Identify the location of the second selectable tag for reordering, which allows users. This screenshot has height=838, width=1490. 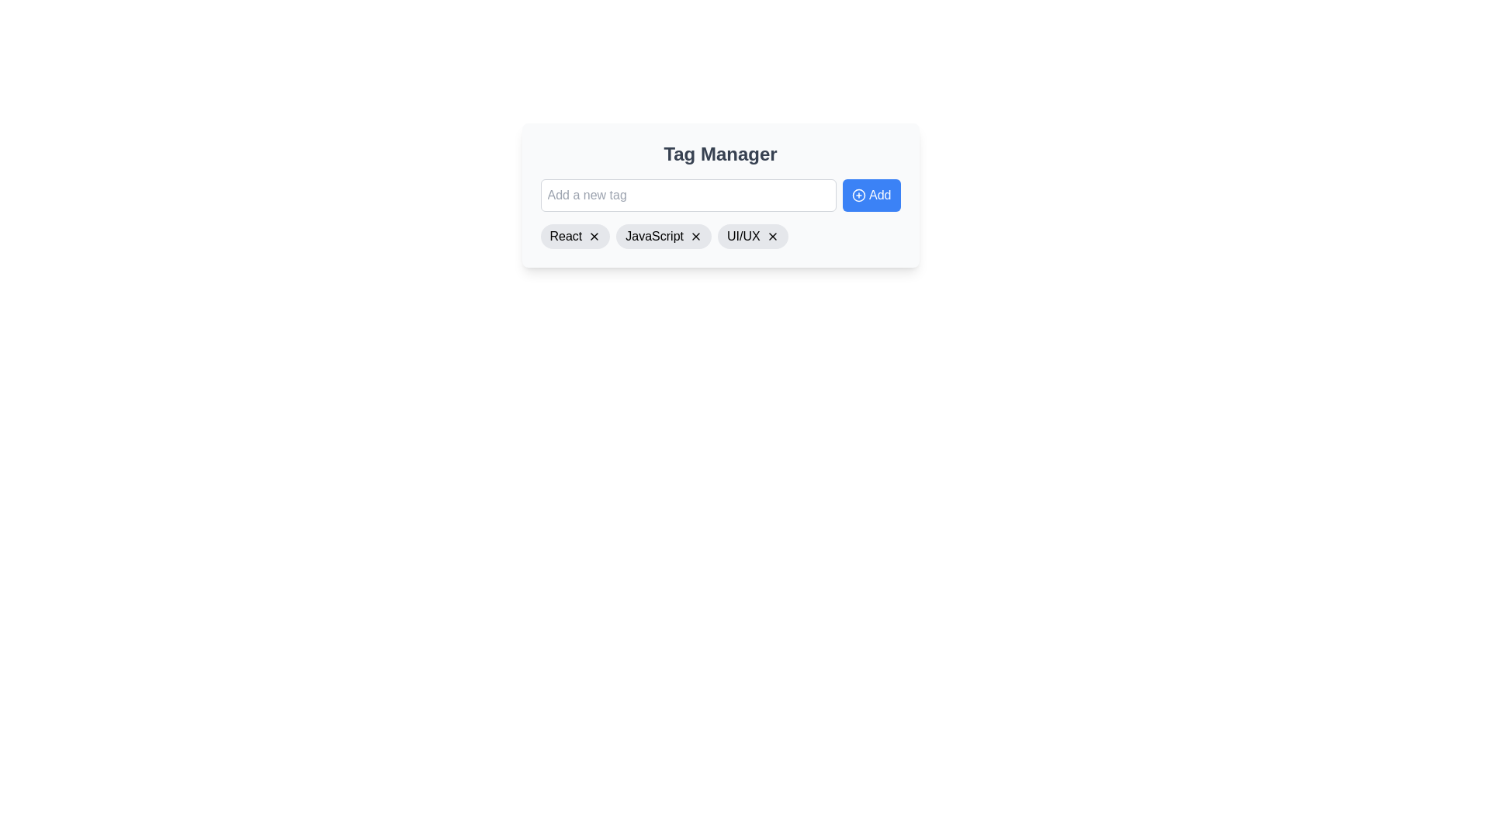
(664, 236).